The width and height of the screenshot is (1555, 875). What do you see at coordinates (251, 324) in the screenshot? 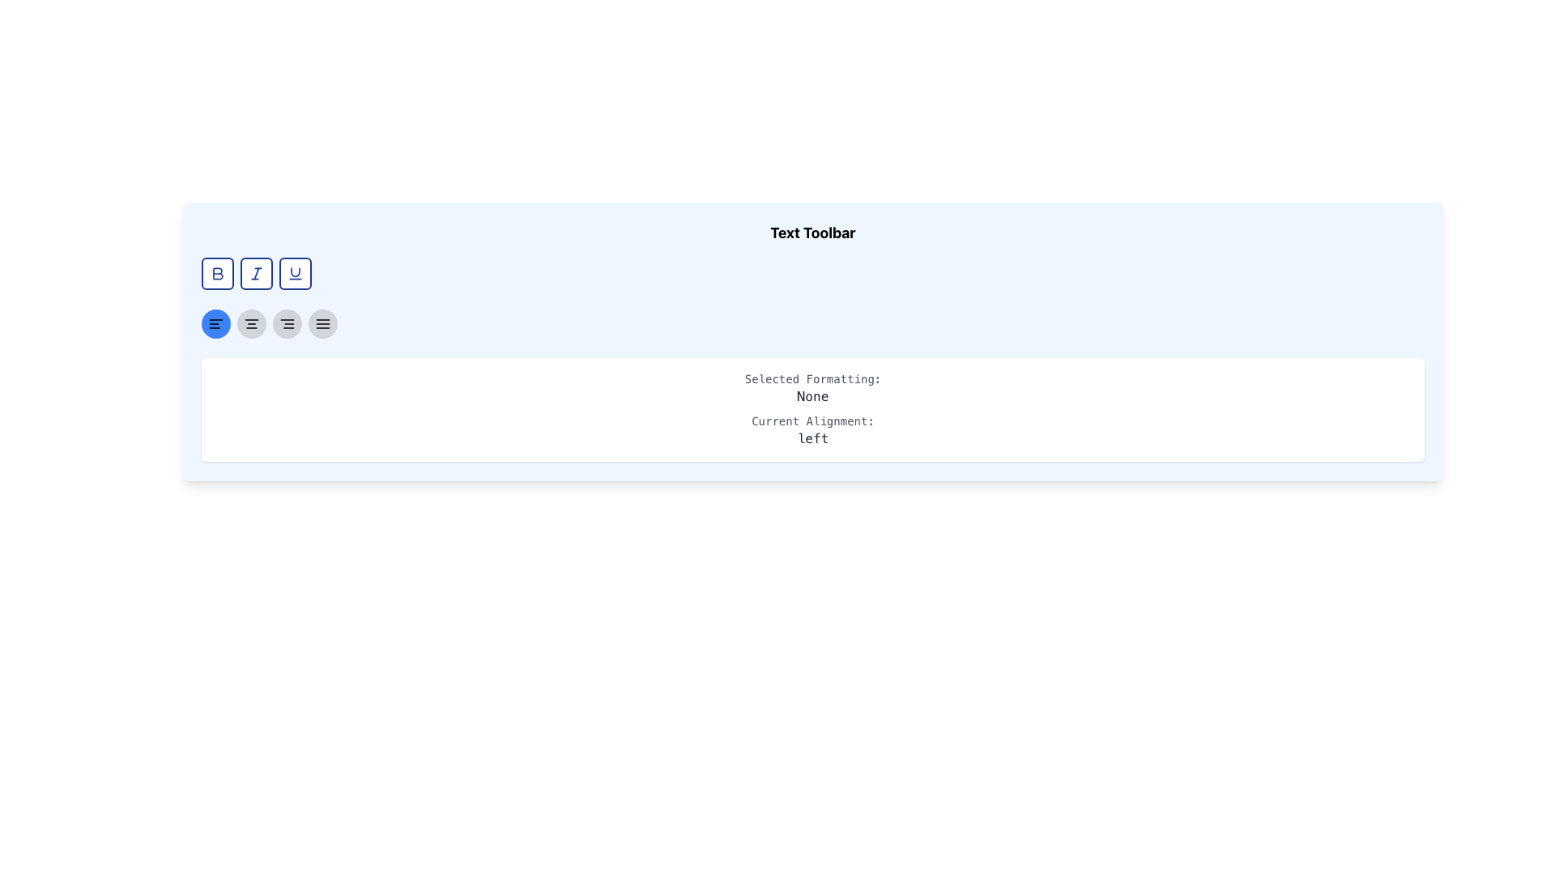
I see `the center alignment button in the text editor to align text to the center` at bounding box center [251, 324].